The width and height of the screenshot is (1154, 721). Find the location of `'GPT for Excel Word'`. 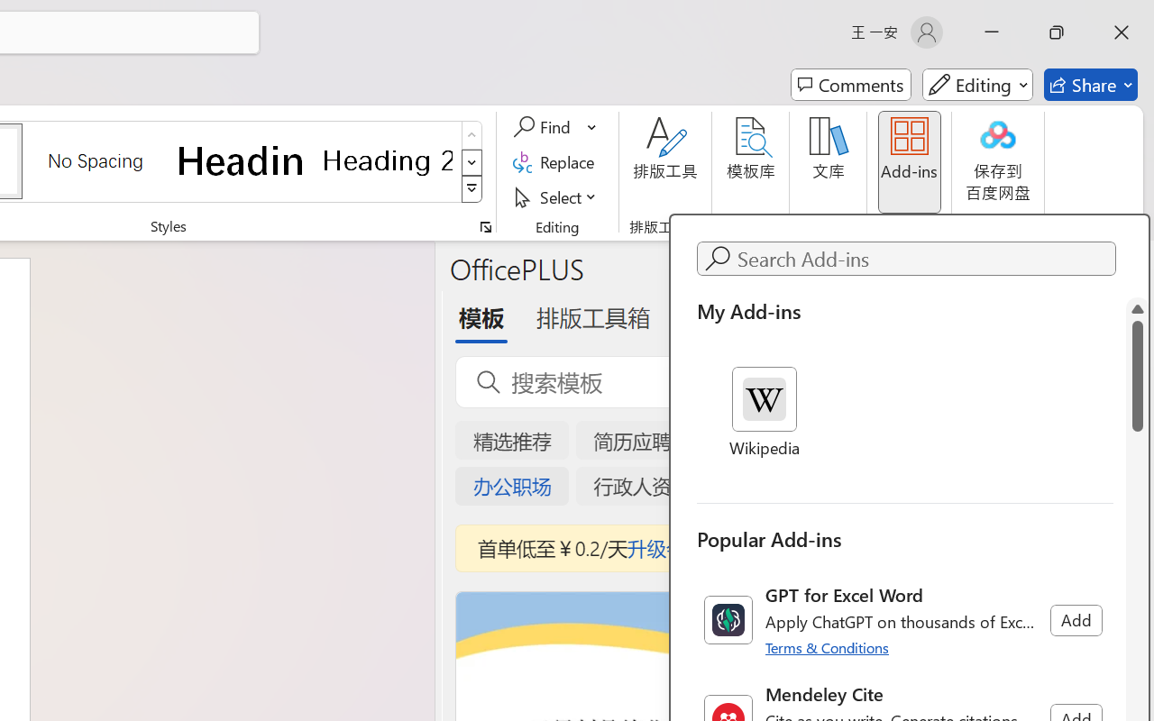

'GPT for Excel Word' is located at coordinates (905, 620).